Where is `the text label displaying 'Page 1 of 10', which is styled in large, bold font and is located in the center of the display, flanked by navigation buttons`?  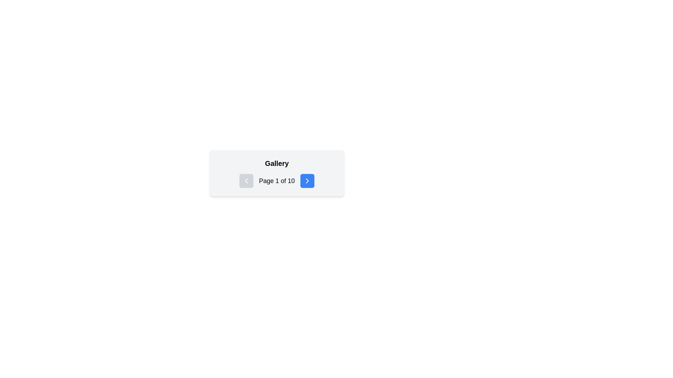
the text label displaying 'Page 1 of 10', which is styled in large, bold font and is located in the center of the display, flanked by navigation buttons is located at coordinates (277, 180).